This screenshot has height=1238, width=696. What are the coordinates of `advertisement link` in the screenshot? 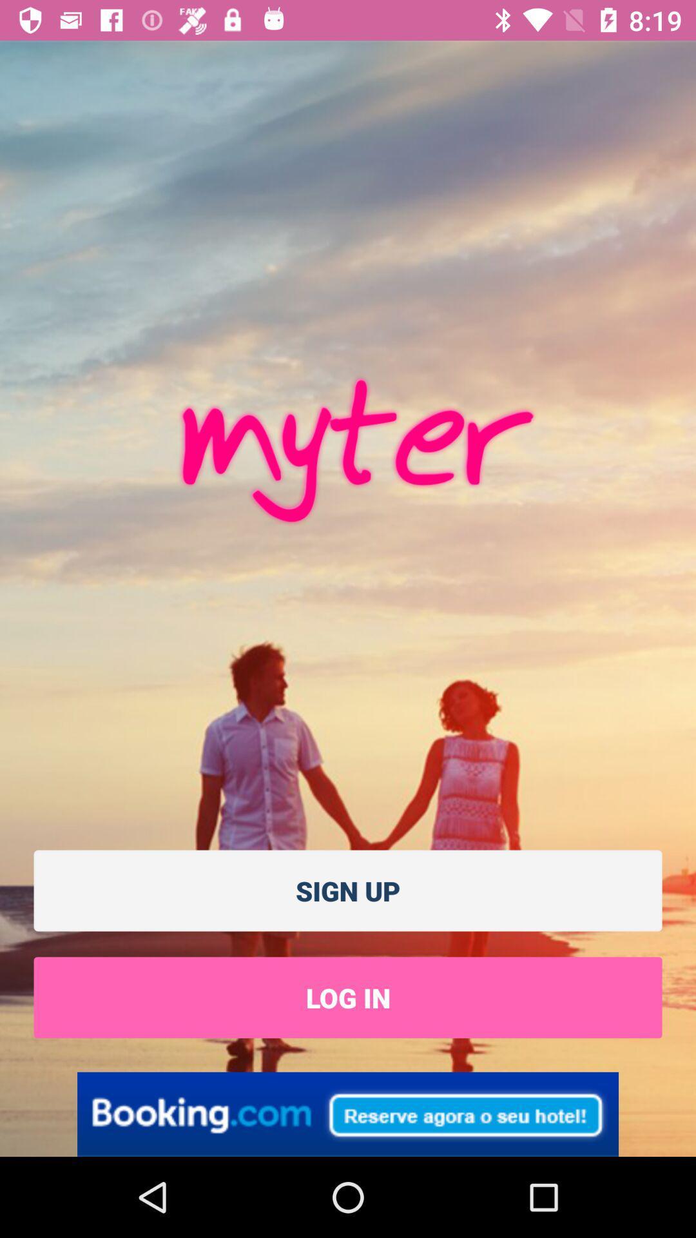 It's located at (348, 1114).